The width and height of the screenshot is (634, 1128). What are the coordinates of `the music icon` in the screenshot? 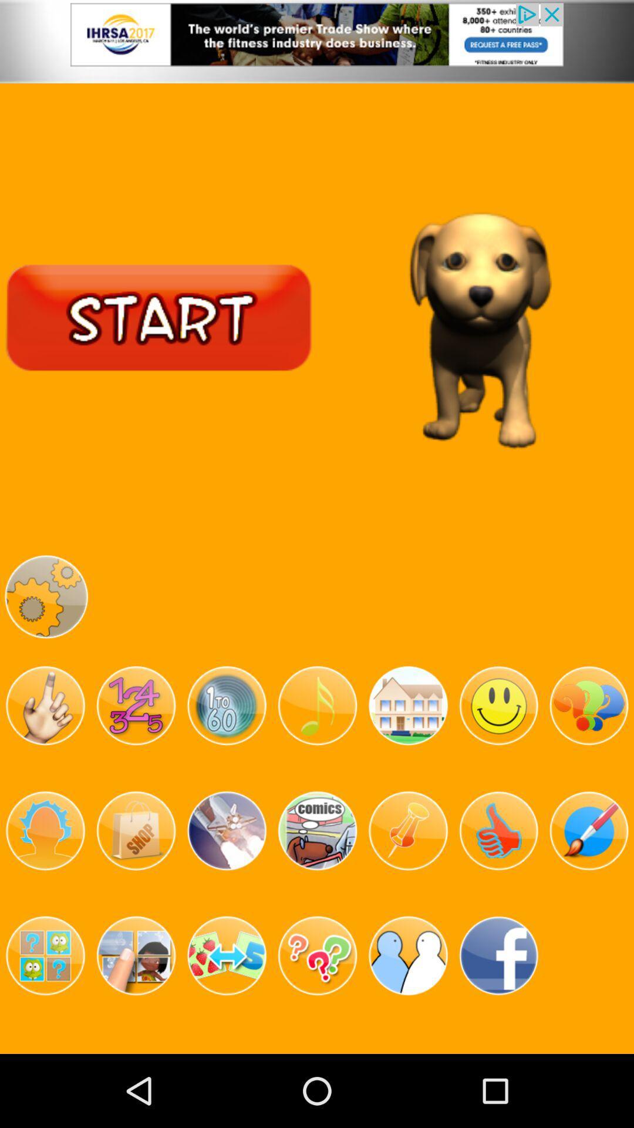 It's located at (317, 755).